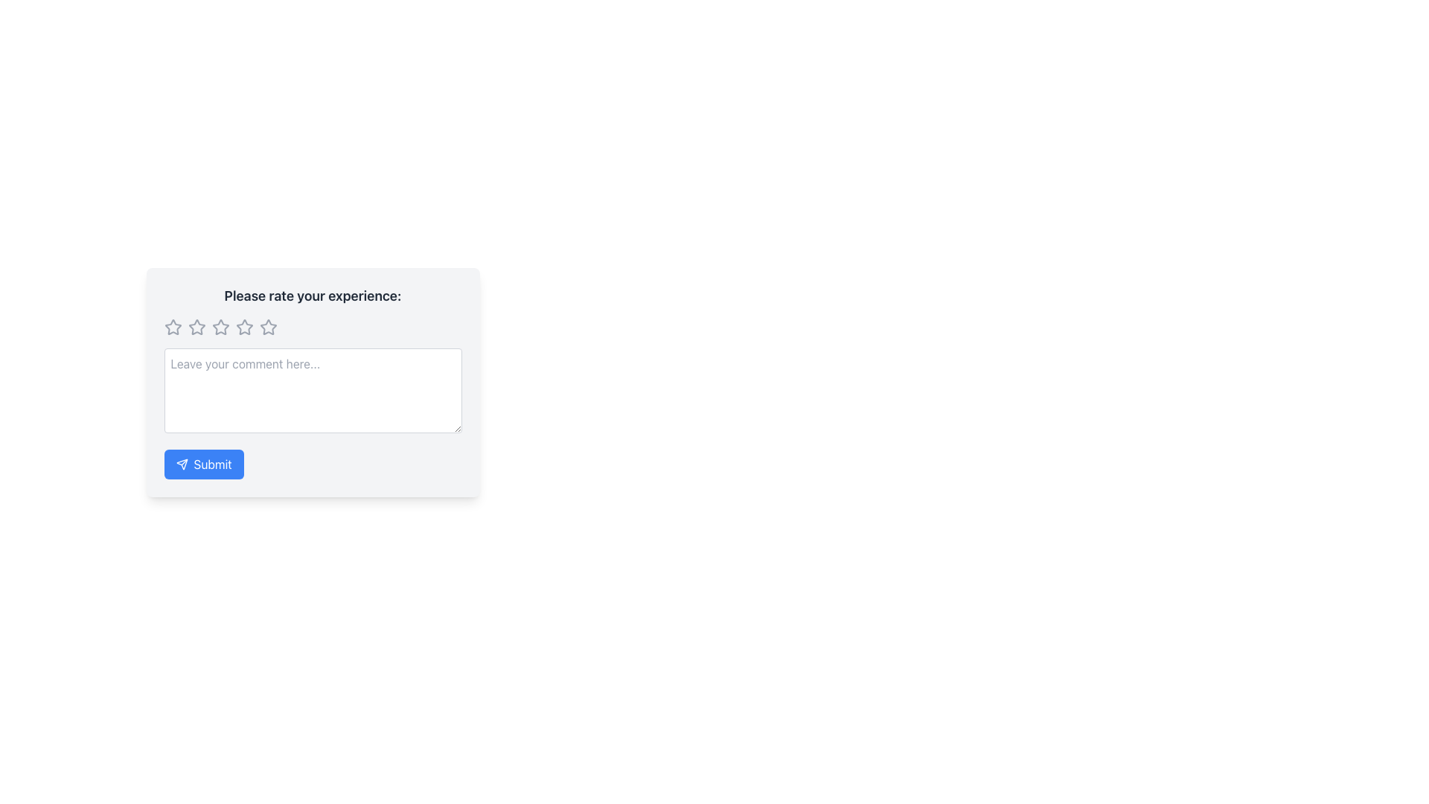 The image size is (1429, 804). I want to click on the blue 'Submit' button with a paper plane icon located at the bottom of the feedback panel, so click(203, 464).